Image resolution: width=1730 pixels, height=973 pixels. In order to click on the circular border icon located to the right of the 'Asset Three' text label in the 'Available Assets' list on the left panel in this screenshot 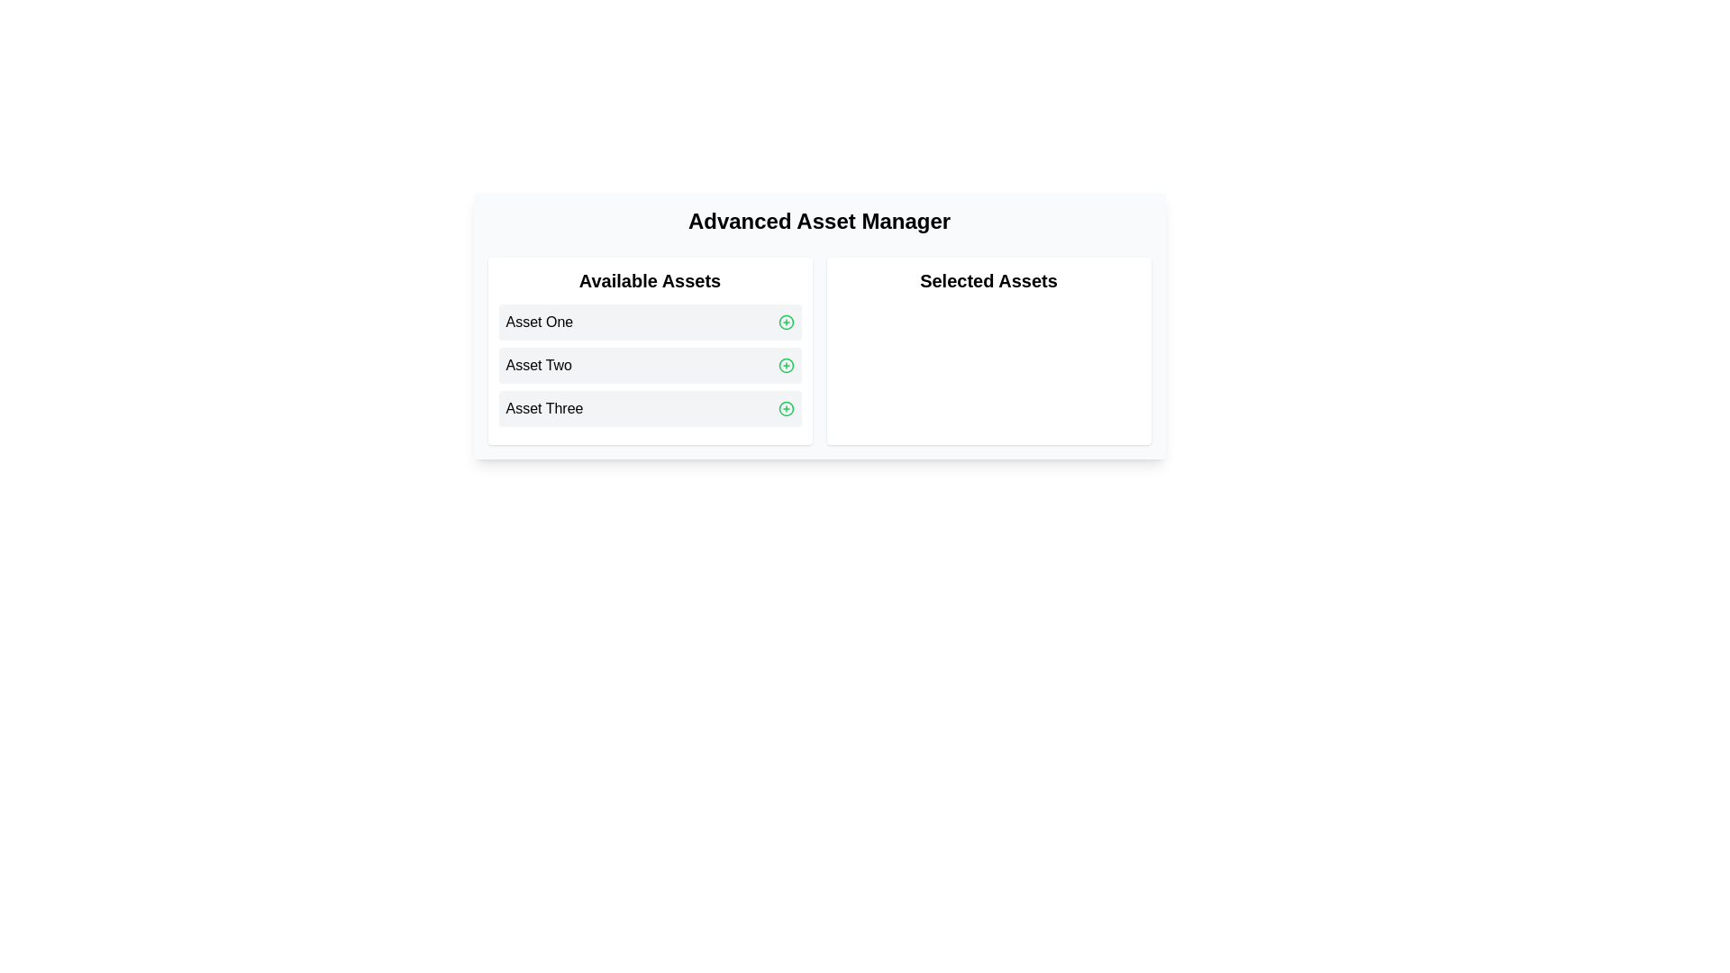, I will do `click(786, 409)`.